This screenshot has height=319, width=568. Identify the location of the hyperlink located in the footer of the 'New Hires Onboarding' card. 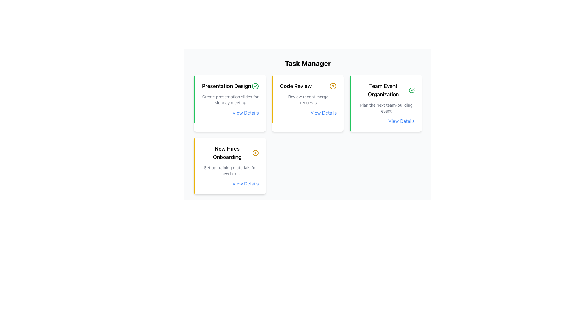
(246, 183).